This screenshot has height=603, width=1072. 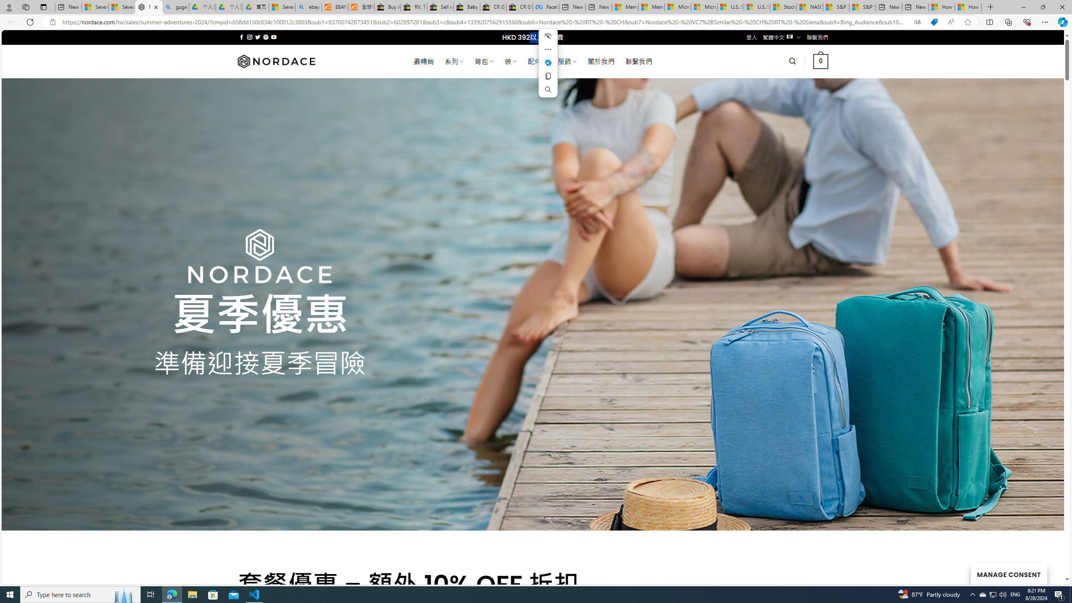 I want to click on 'More actions', so click(x=548, y=49).